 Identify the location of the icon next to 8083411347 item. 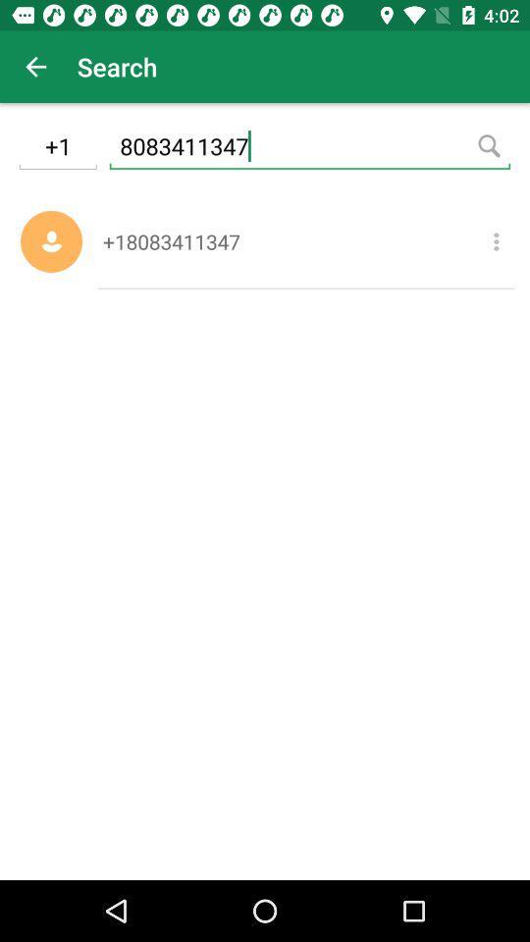
(58, 148).